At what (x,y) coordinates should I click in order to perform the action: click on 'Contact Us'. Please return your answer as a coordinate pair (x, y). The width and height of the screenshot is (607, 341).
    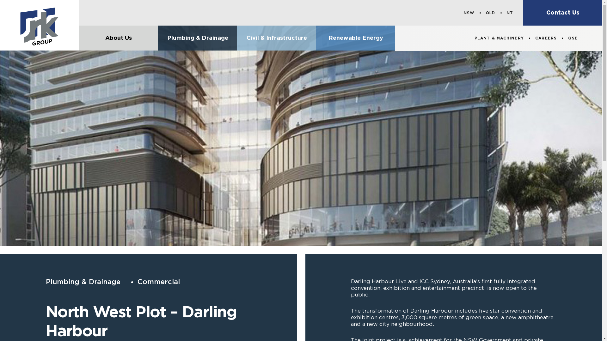
    Looking at the image, I should click on (563, 13).